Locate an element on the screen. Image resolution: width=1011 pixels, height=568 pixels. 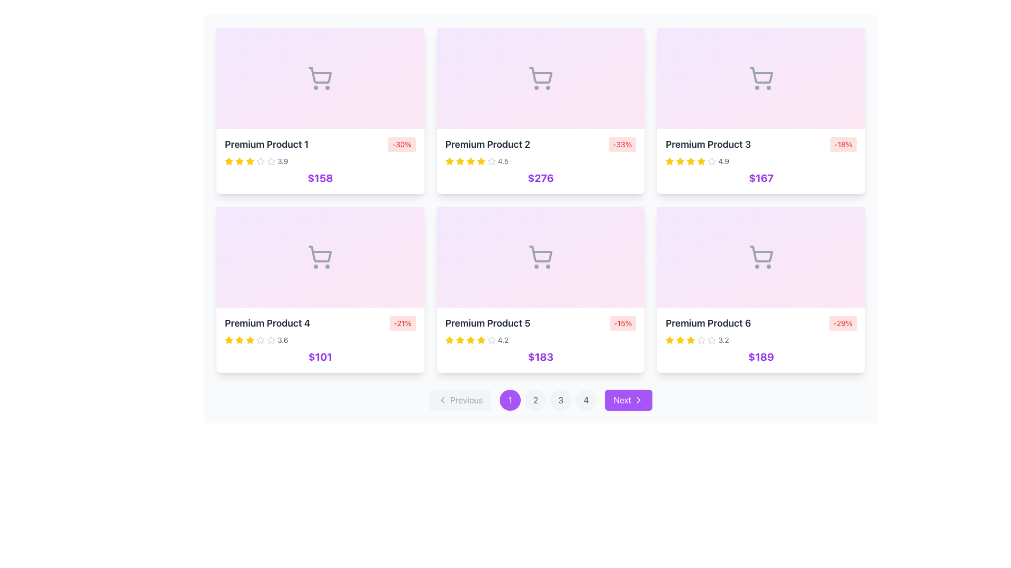
the fourth yellow filled star icon in the rating system of the 'Premium Product 2' card is located at coordinates (470, 161).